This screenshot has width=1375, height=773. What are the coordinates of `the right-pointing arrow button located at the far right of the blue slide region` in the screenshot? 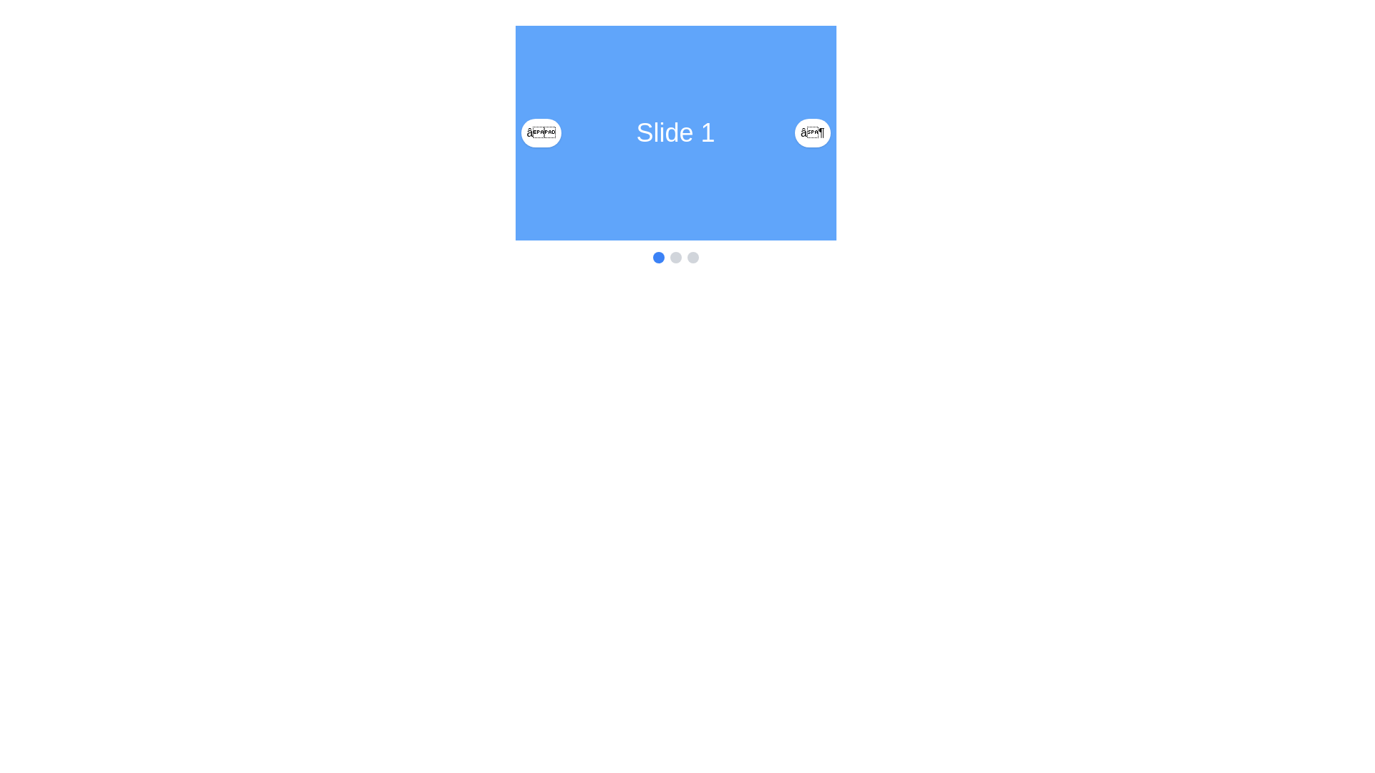 It's located at (812, 132).